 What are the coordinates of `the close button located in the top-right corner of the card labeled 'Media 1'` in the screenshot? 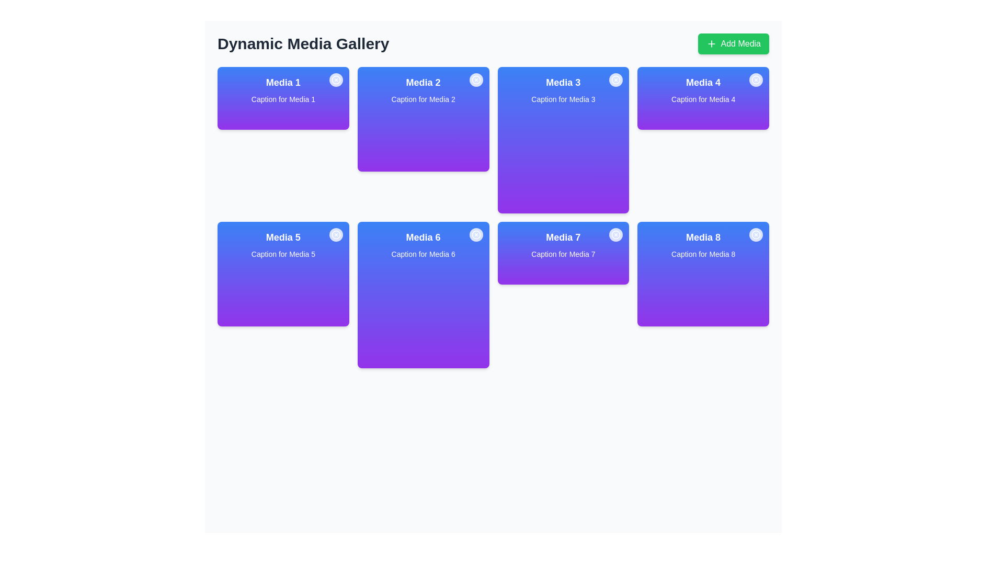 It's located at (336, 80).